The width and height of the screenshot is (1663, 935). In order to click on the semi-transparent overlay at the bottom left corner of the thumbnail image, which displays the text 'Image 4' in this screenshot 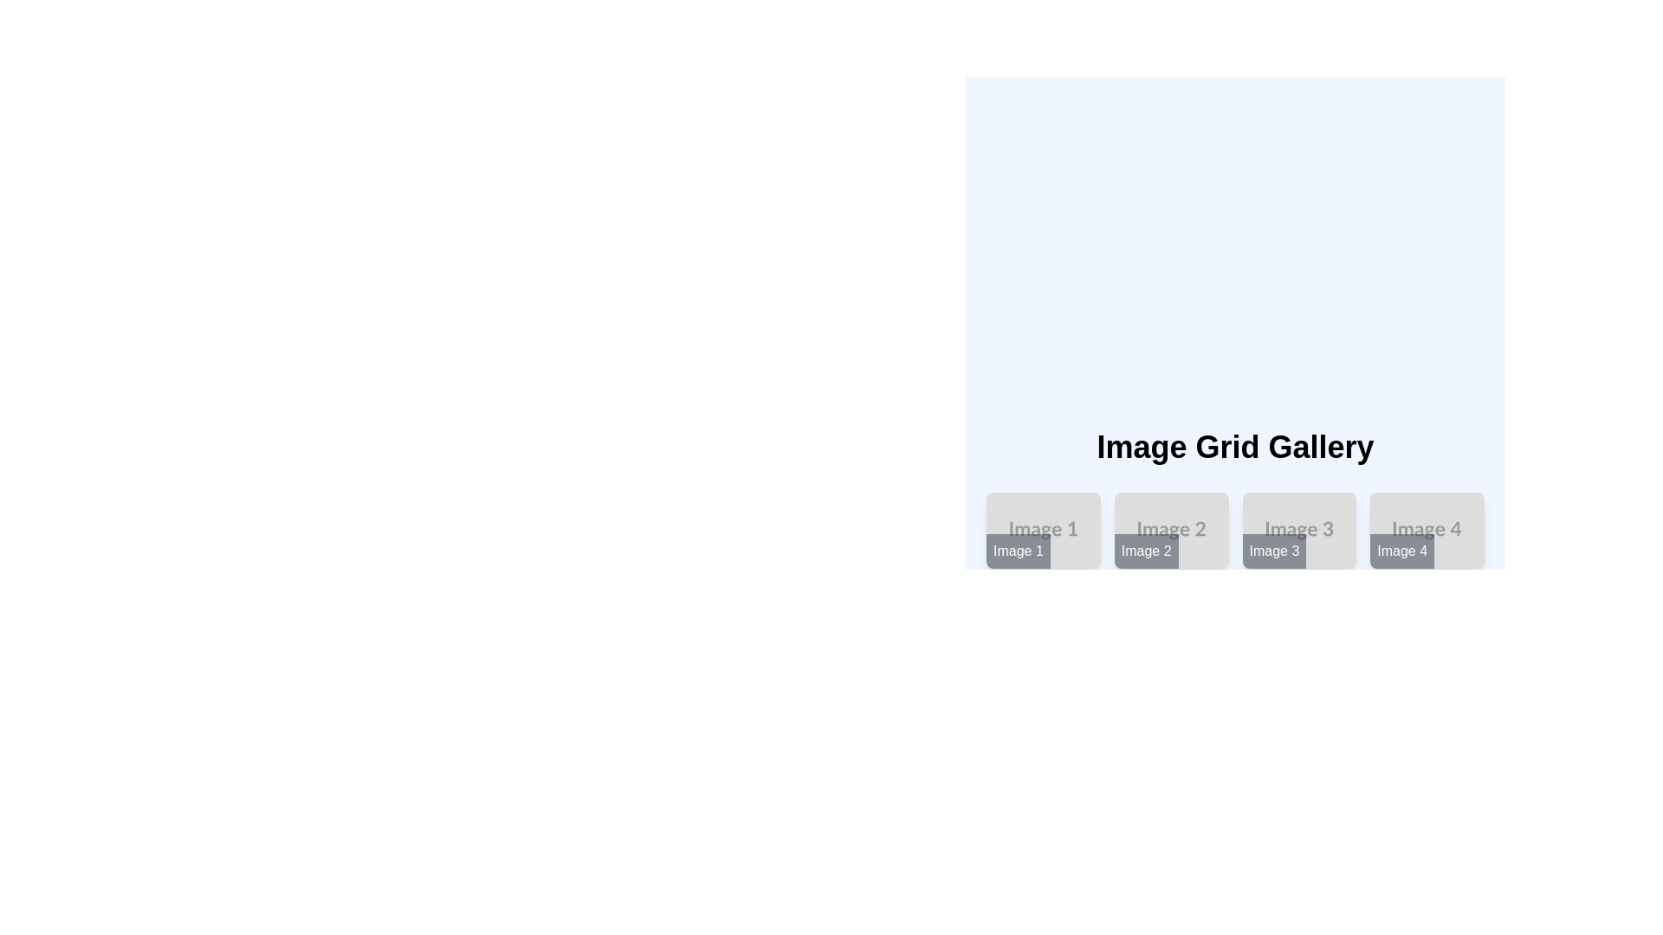, I will do `click(1402, 551)`.